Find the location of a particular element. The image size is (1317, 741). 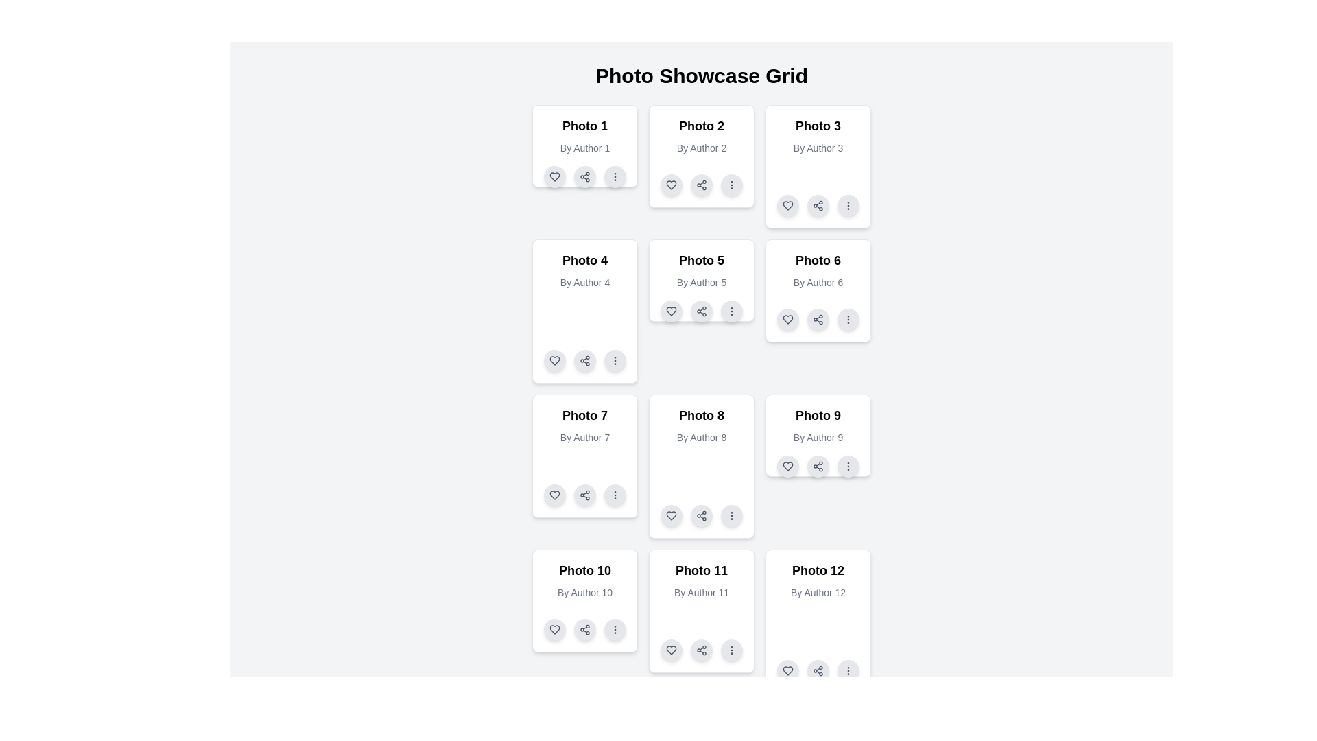

the Menu icon, which is an interactive button resembling three vertically aligned dots located at the bottom right corner of the 'Photo 9' card is located at coordinates (848, 465).